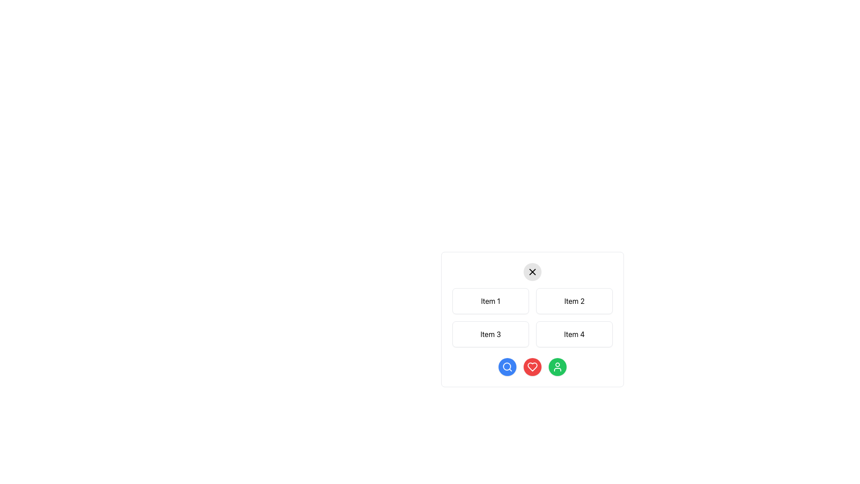 This screenshot has height=484, width=860. Describe the element at coordinates (533, 271) in the screenshot. I see `the Close Icon located at the top center of the interface` at that location.